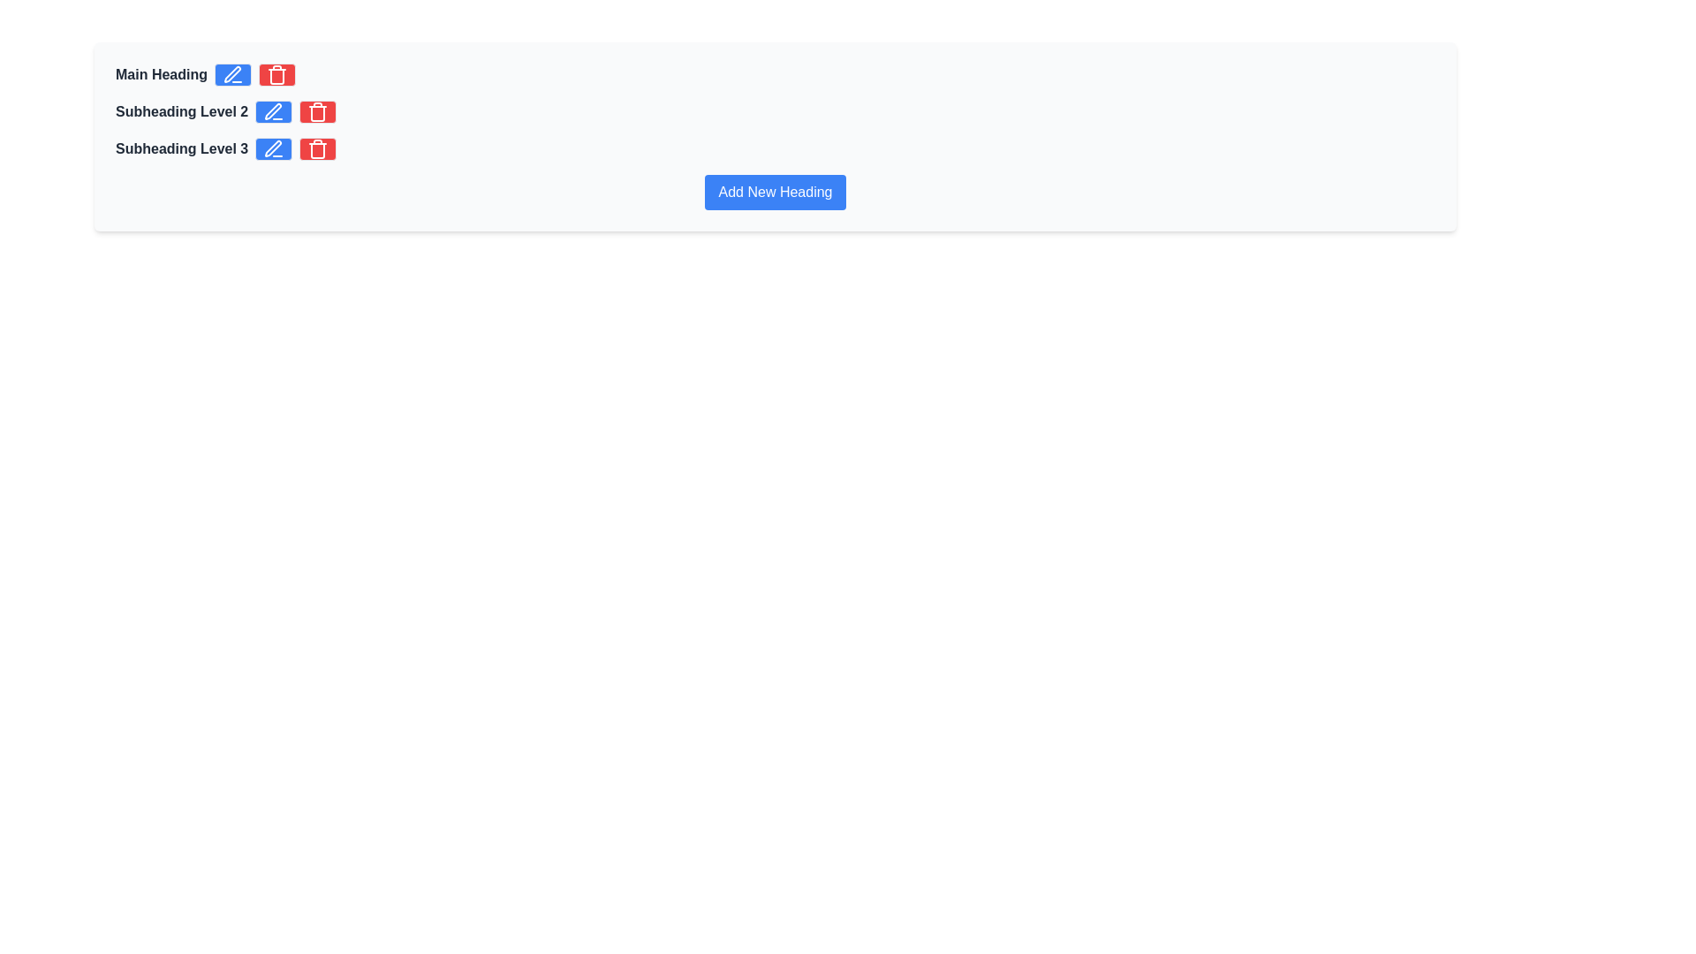 Image resolution: width=1696 pixels, height=954 pixels. I want to click on the blue button with a round edge and a white pen icon located to the right of 'Subheading Level 3', so click(273, 148).